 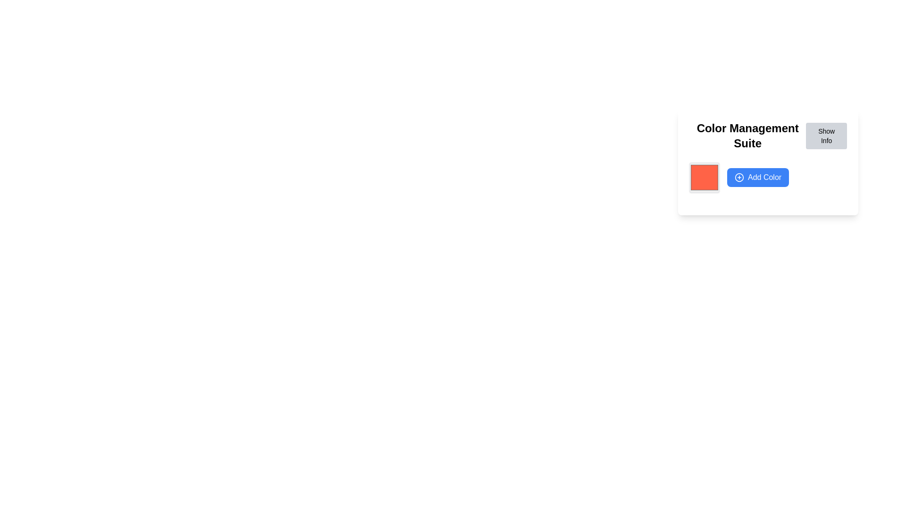 What do you see at coordinates (768, 177) in the screenshot?
I see `the button located below the 'Show Info' button and to the right of the color preview box in the 'Color Management Suite'` at bounding box center [768, 177].